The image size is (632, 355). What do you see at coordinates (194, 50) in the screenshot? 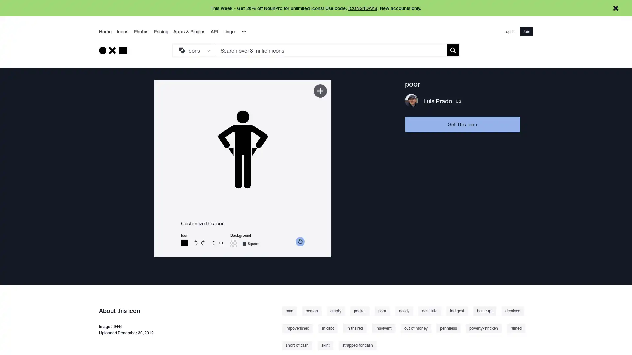
I see `Search Type` at bounding box center [194, 50].